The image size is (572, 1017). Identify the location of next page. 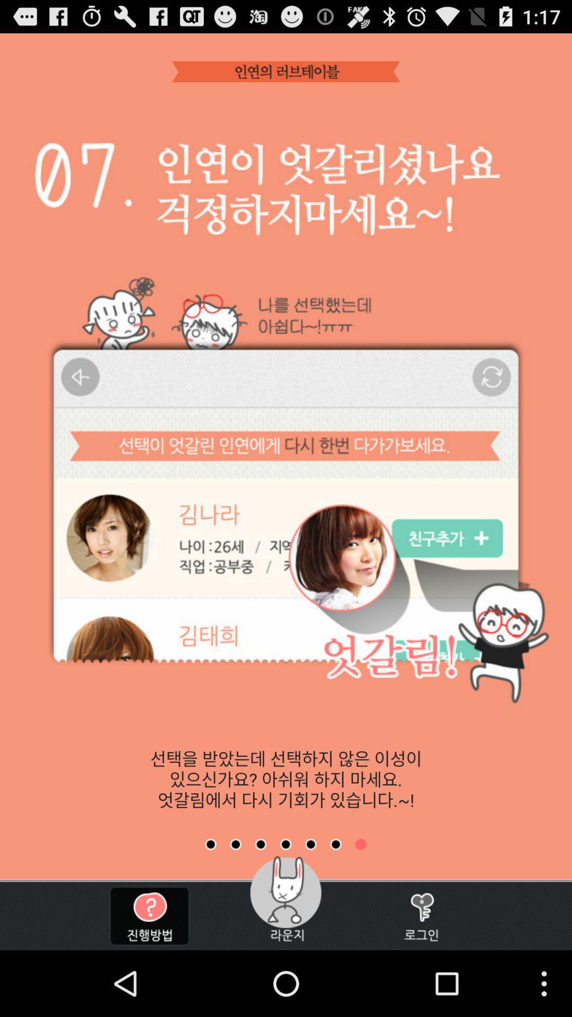
(261, 844).